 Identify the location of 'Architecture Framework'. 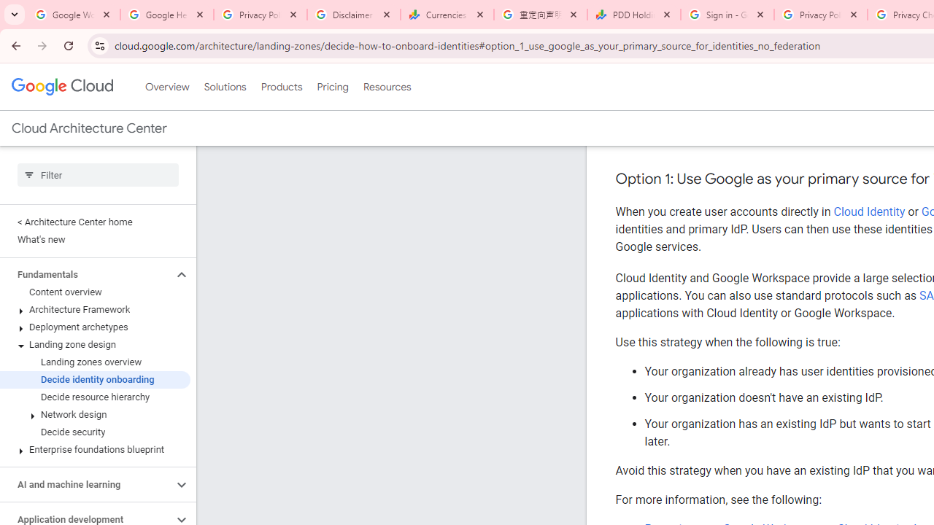
(94, 309).